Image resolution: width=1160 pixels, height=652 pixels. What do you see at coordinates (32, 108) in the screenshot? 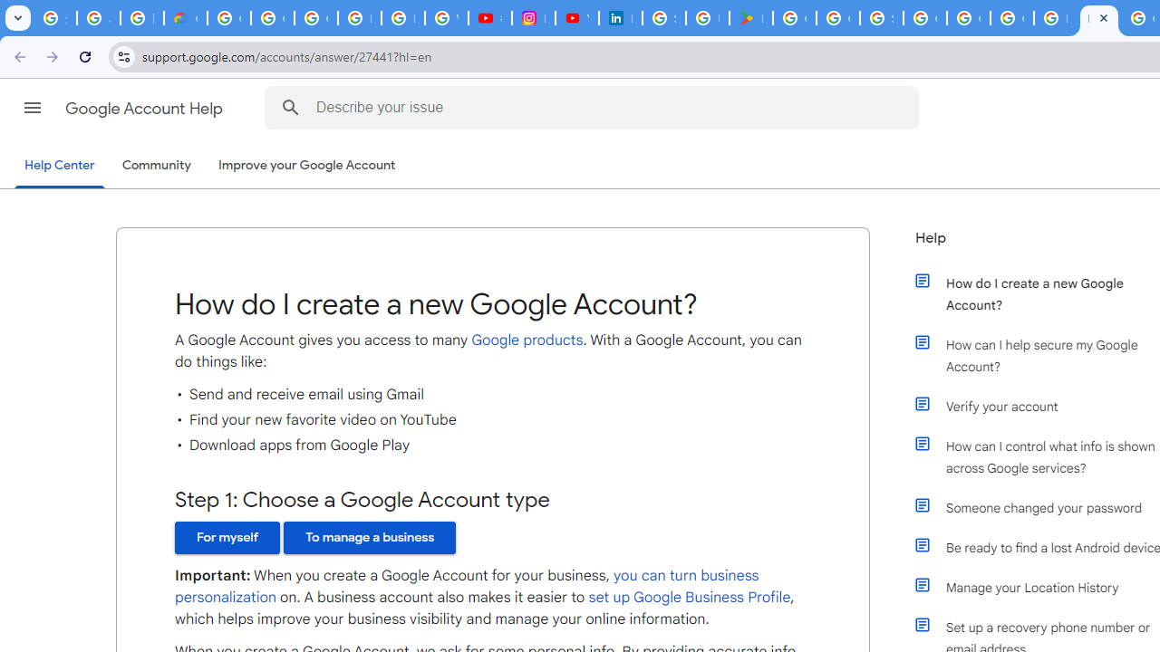
I see `'Main menu'` at bounding box center [32, 108].